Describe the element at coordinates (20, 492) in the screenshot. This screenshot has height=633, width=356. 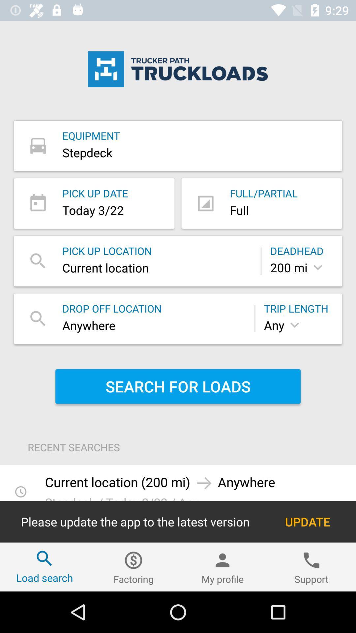
I see `timer icon at bottom left of page` at that location.